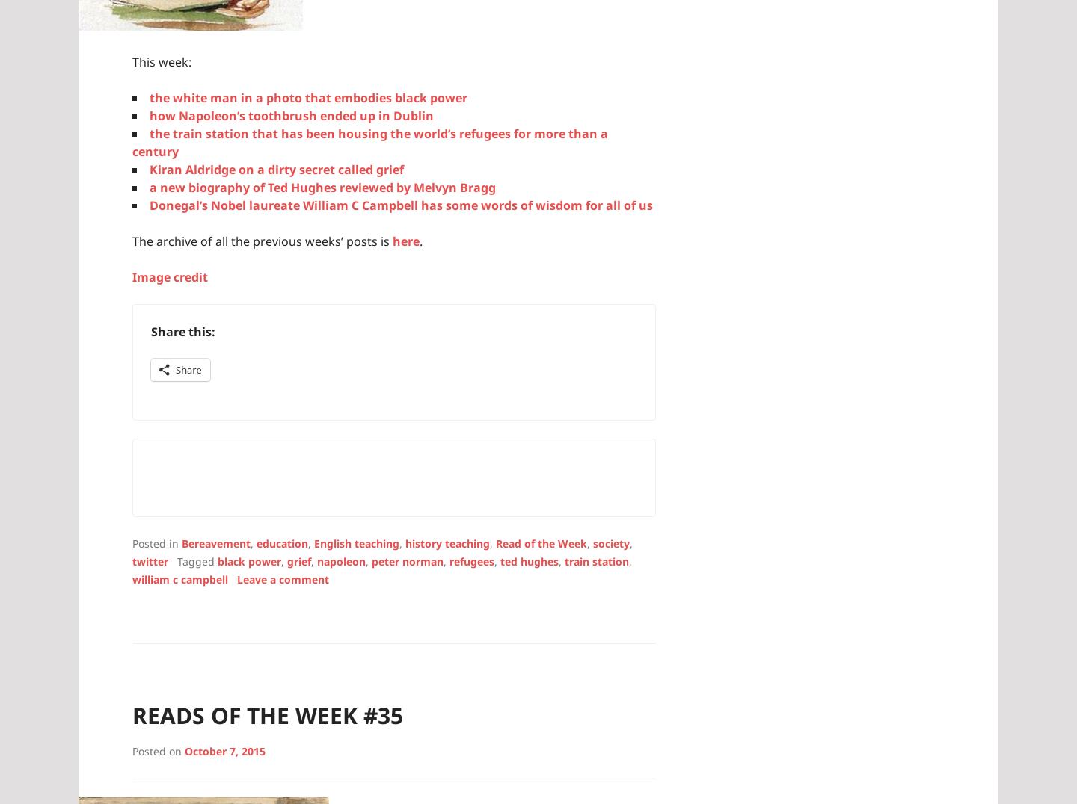  What do you see at coordinates (597, 560) in the screenshot?
I see `'train station'` at bounding box center [597, 560].